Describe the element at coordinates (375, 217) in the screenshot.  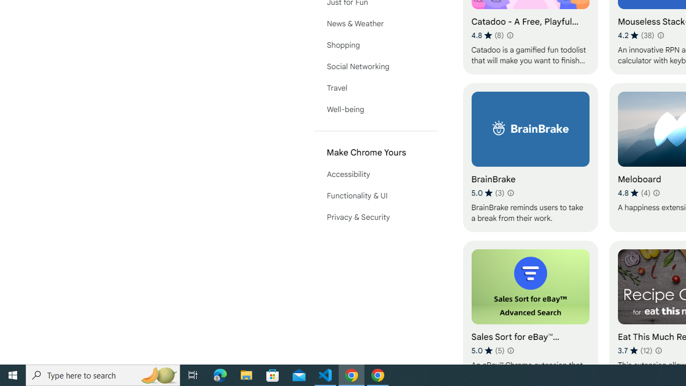
I see `'Privacy & Security'` at that location.